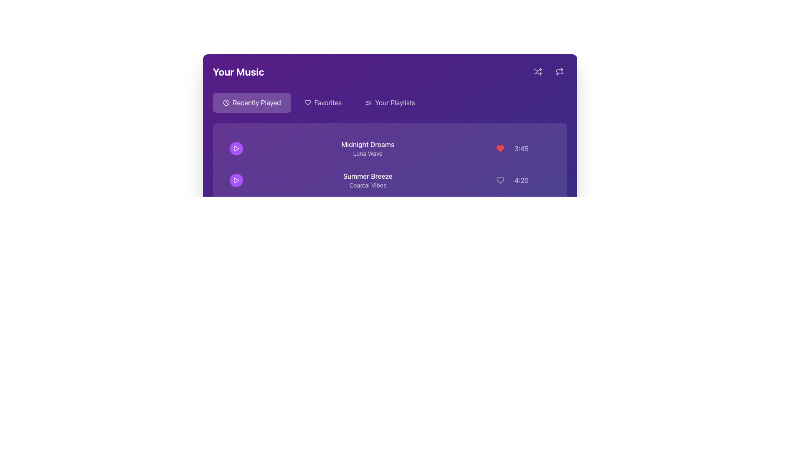  I want to click on the heart icon button located in the first row of the playlist interface, so click(500, 180).